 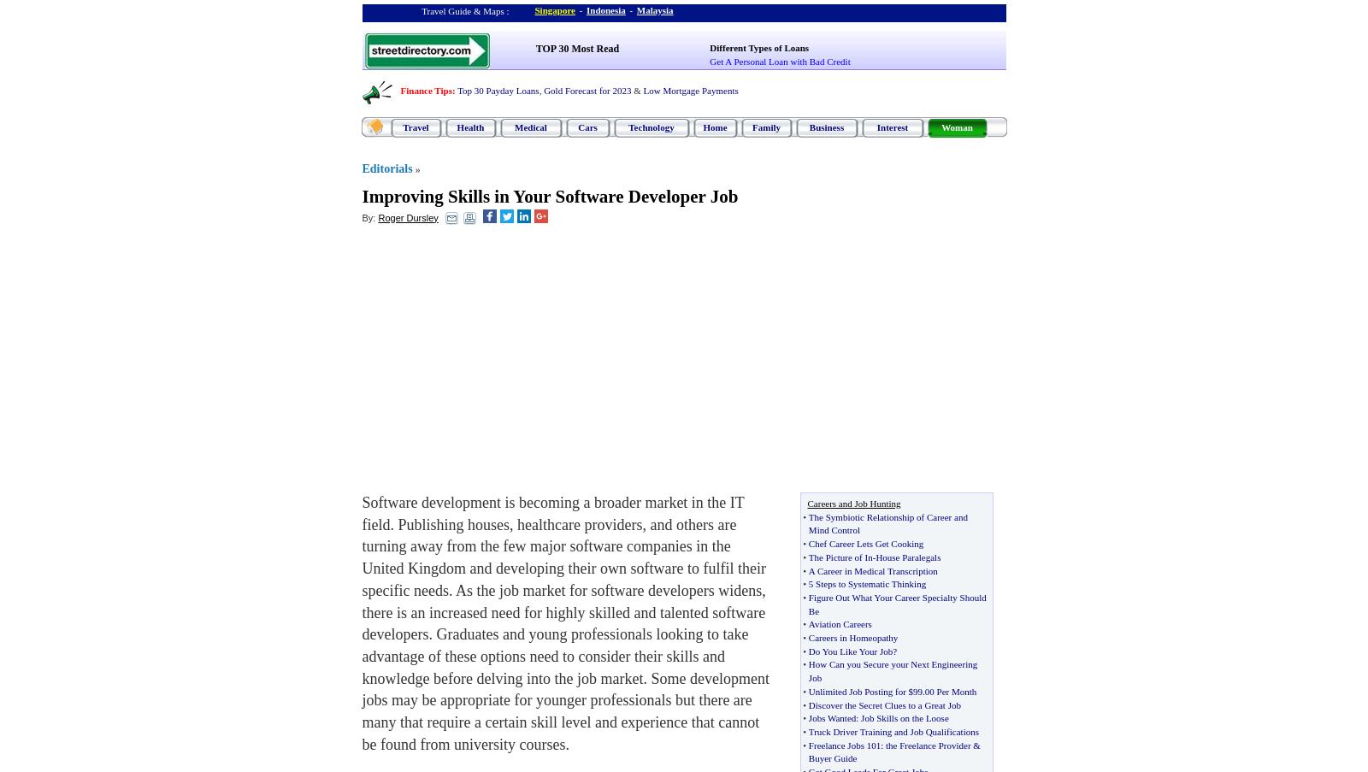 I want to click on 'How Can you Secure your Next Engineering Job', so click(x=893, y=669).